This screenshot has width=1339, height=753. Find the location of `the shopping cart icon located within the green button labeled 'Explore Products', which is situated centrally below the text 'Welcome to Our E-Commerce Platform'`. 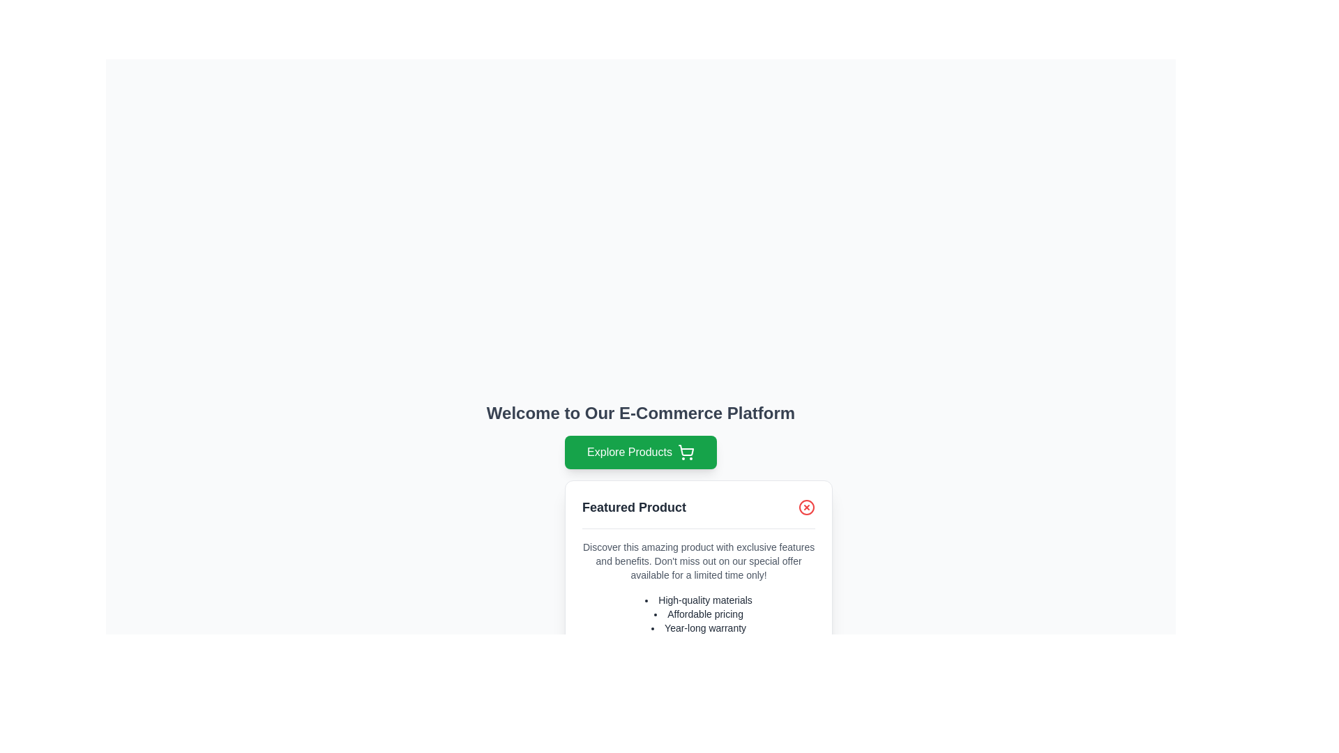

the shopping cart icon located within the green button labeled 'Explore Products', which is situated centrally below the text 'Welcome to Our E-Commerce Platform' is located at coordinates (686, 450).